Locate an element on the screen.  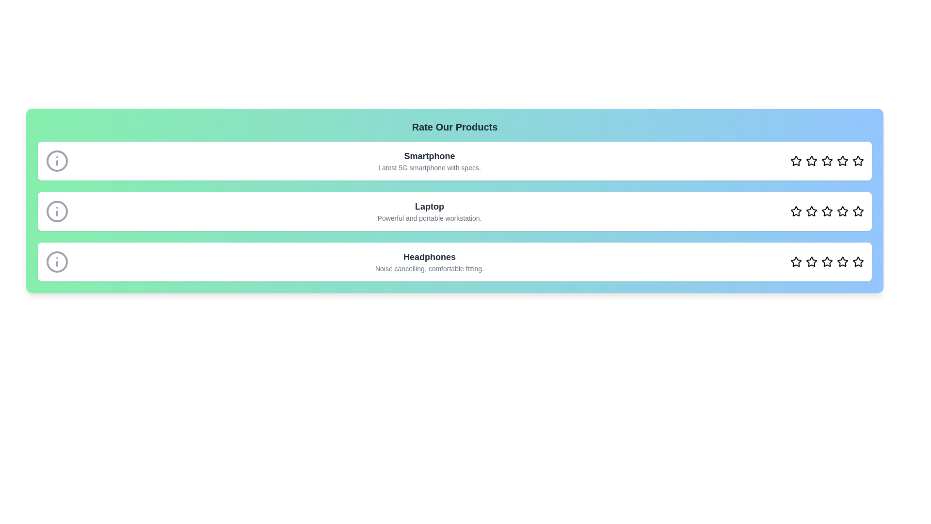
the first interactive graphical rating star in the second rating group for the 'Laptop' item is located at coordinates (796, 211).